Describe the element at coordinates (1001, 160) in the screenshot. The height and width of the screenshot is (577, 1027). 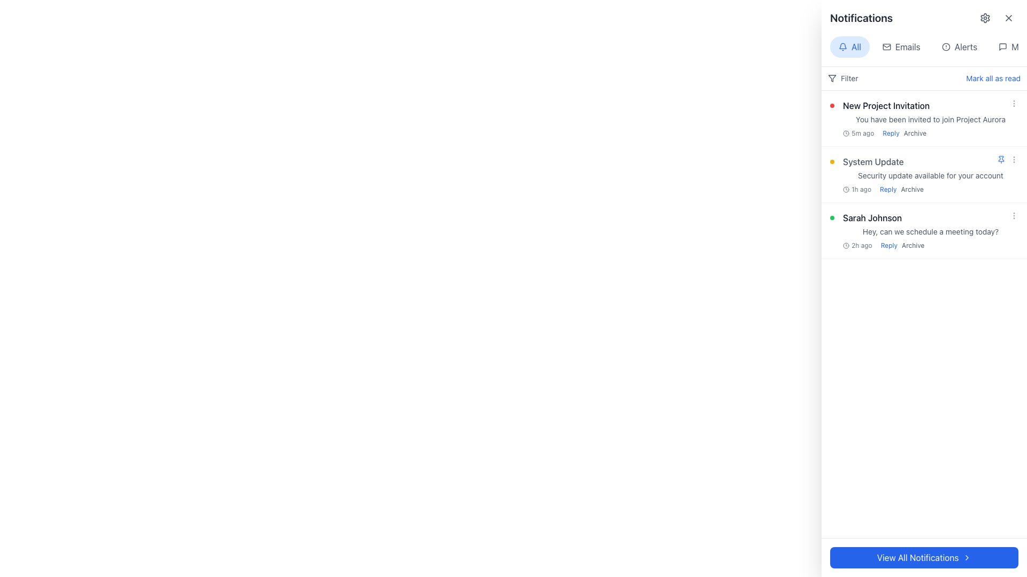
I see `the blue-colored pin icon located to the right of the 'System Update' notification message` at that location.